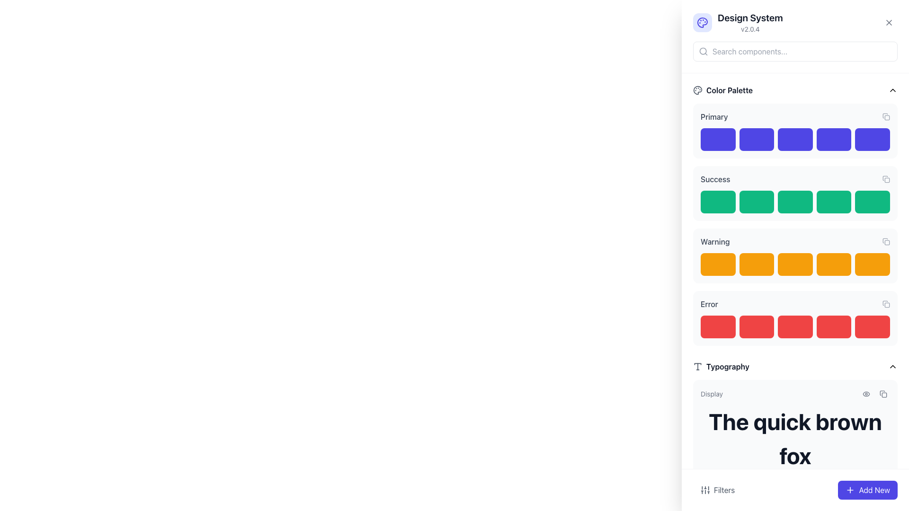 The image size is (909, 511). What do you see at coordinates (712, 394) in the screenshot?
I see `the static text label displaying 'Display' in a small-sized gray font, located near the top of the 'Typography' section` at bounding box center [712, 394].